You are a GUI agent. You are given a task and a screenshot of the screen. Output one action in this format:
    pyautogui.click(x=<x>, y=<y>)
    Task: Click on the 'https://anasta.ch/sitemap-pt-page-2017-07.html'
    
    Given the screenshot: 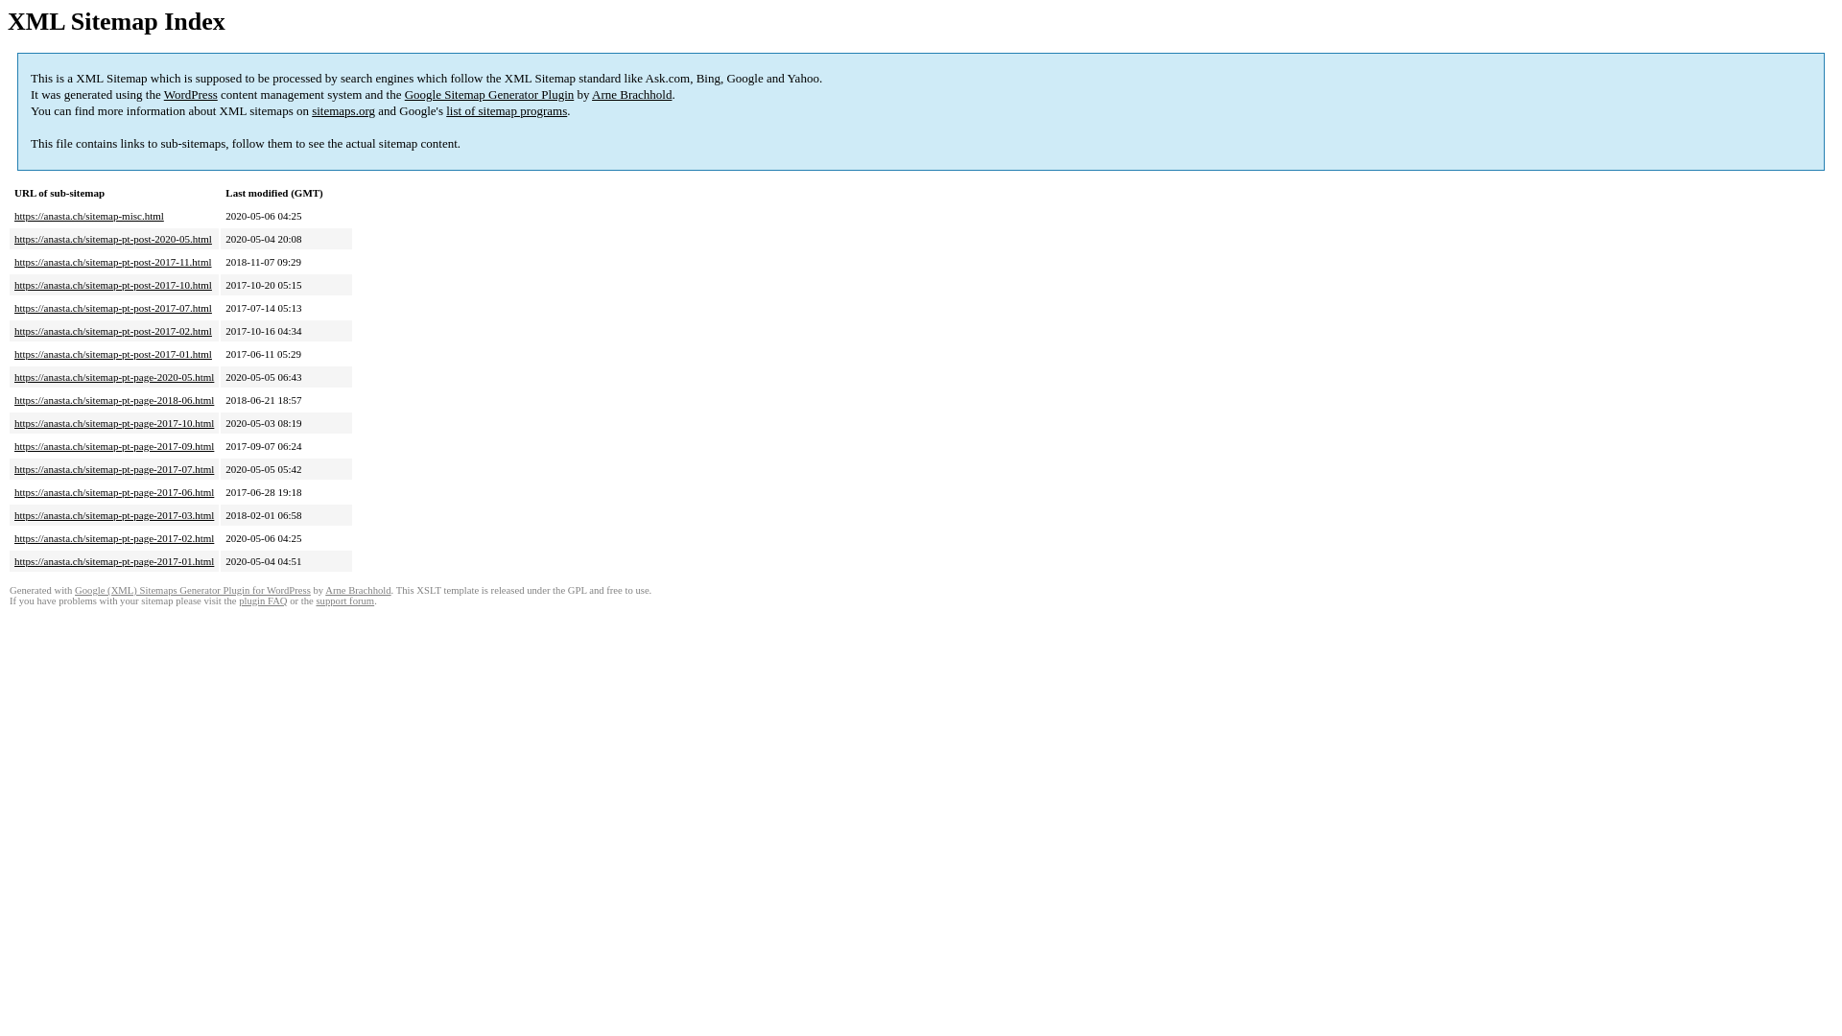 What is the action you would take?
    pyautogui.click(x=113, y=469)
    